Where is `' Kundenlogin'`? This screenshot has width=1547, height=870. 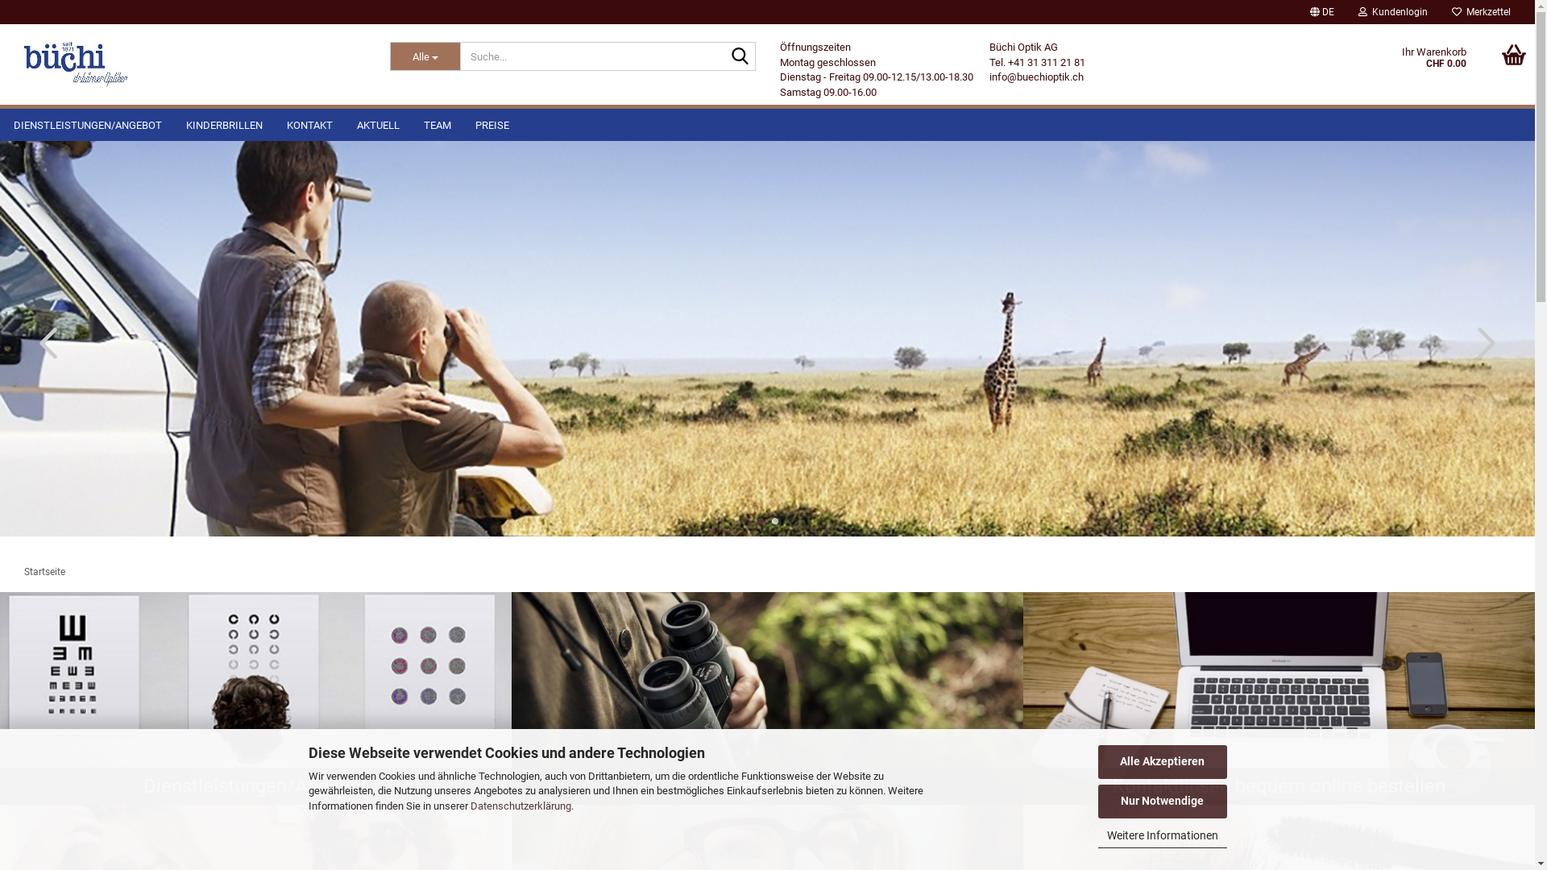
' Kundenlogin' is located at coordinates (1391, 12).